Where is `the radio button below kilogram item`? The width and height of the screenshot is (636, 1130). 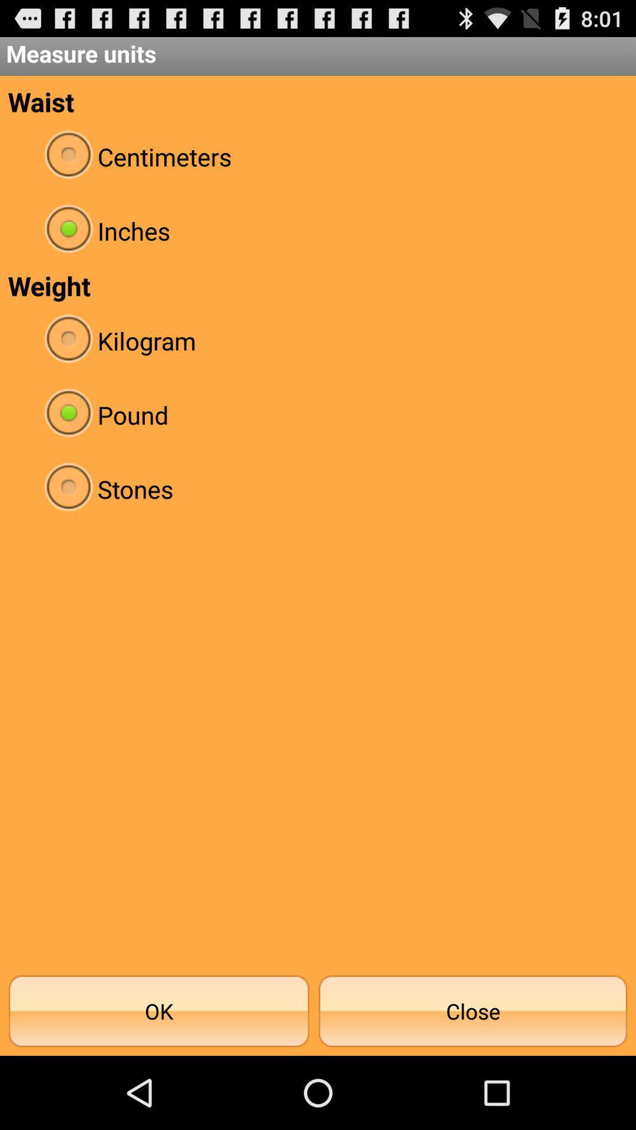
the radio button below kilogram item is located at coordinates (318, 415).